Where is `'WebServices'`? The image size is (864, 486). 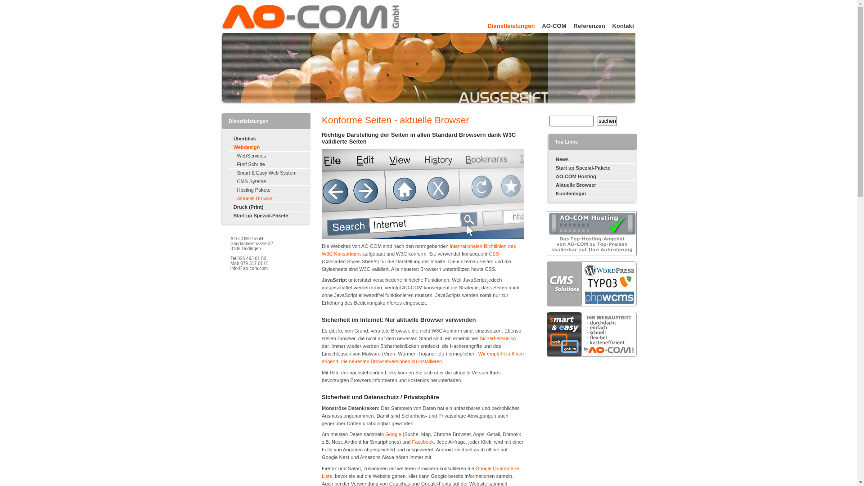 'WebServices' is located at coordinates (229, 155).